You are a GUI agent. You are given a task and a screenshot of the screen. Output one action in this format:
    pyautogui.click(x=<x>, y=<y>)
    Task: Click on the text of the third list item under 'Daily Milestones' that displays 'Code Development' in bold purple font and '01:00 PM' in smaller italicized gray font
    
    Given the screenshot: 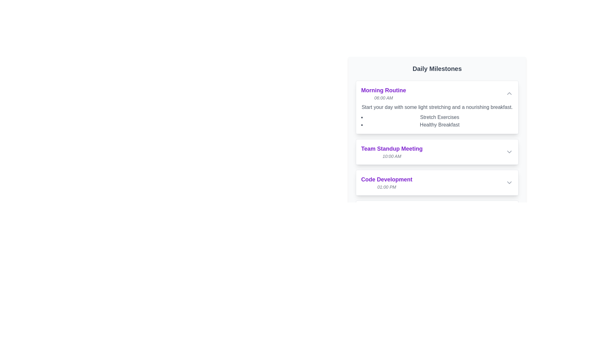 What is the action you would take?
    pyautogui.click(x=386, y=183)
    